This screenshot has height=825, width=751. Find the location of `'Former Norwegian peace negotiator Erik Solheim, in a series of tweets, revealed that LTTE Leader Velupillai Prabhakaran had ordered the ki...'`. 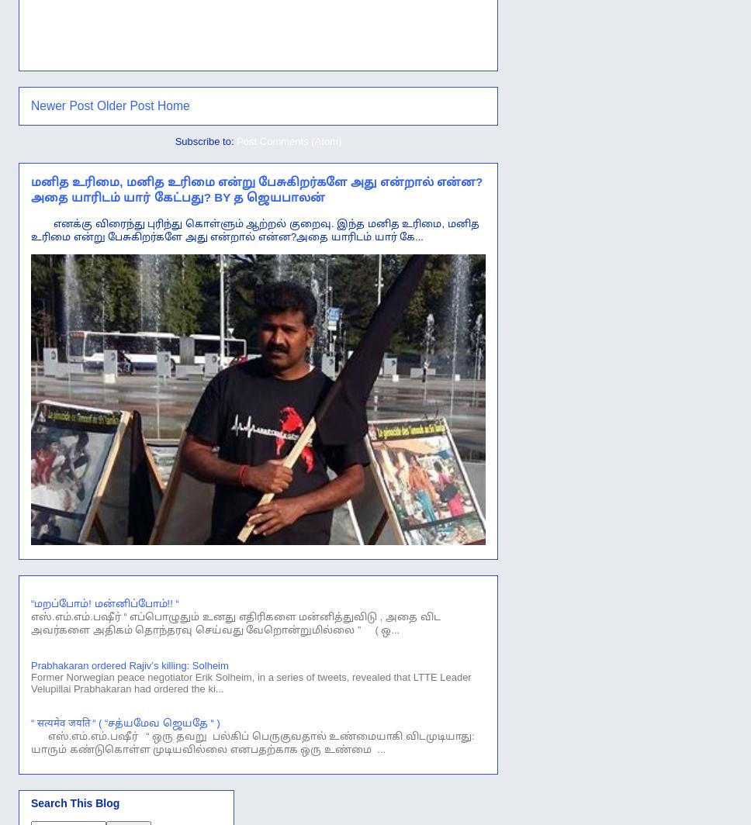

'Former Norwegian peace negotiator Erik Solheim, in a series of tweets, revealed that LTTE Leader Velupillai Prabhakaran had ordered the ki...' is located at coordinates (30, 682).